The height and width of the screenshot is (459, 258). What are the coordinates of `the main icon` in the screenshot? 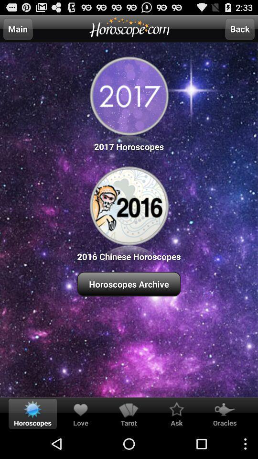 It's located at (18, 28).